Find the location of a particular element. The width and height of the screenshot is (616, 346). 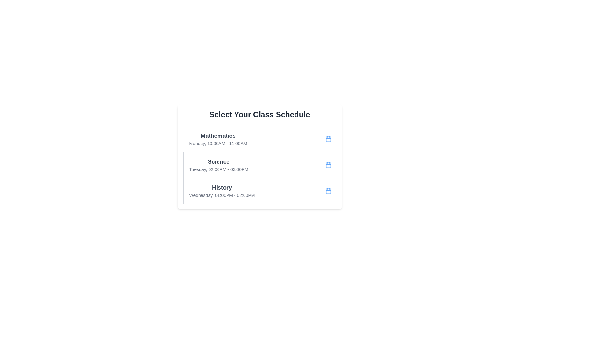

the innermost part of the calendar icon associated with the 'Science' entry in the list is located at coordinates (328, 165).